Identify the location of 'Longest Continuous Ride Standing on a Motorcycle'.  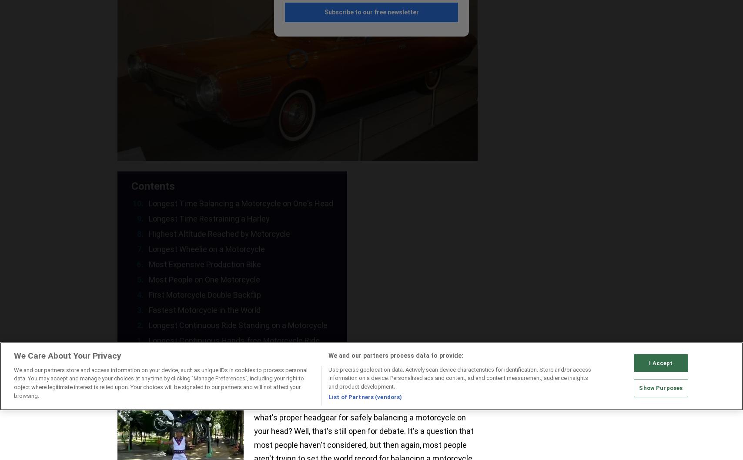
(238, 325).